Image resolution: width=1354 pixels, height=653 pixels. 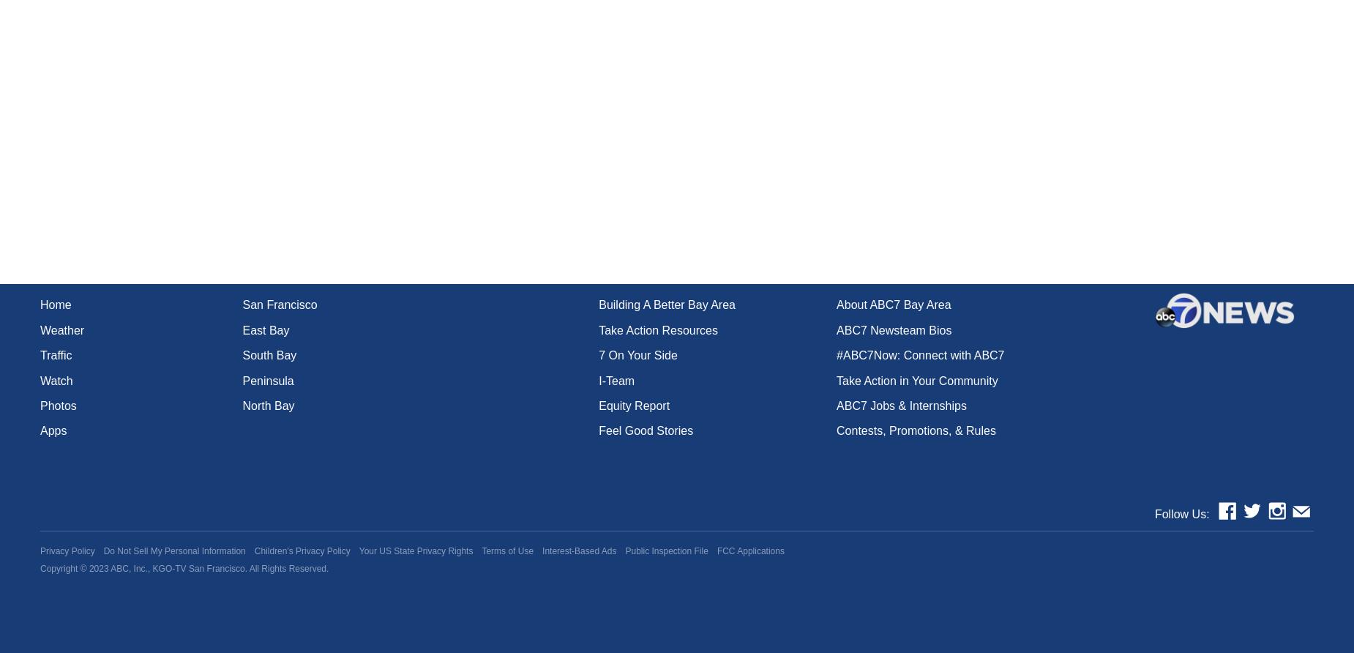 I want to click on 'Terms of Use', so click(x=507, y=551).